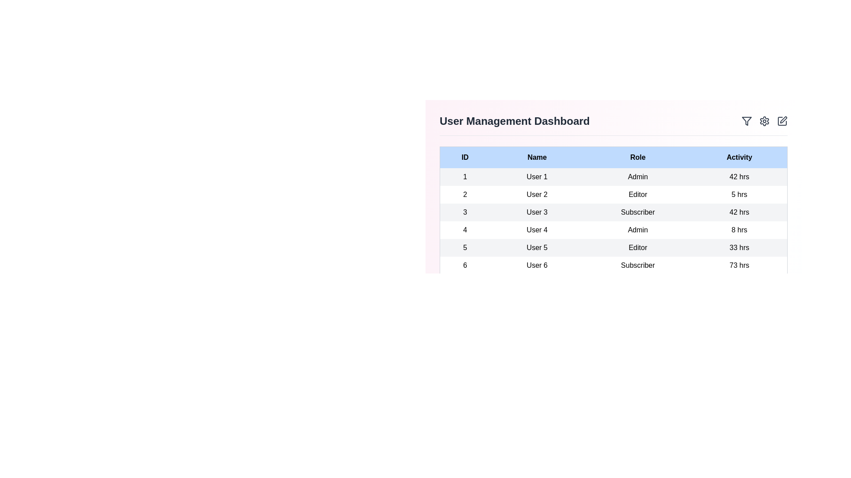  Describe the element at coordinates (764, 121) in the screenshot. I see `the settings icon to access configuration settings` at that location.